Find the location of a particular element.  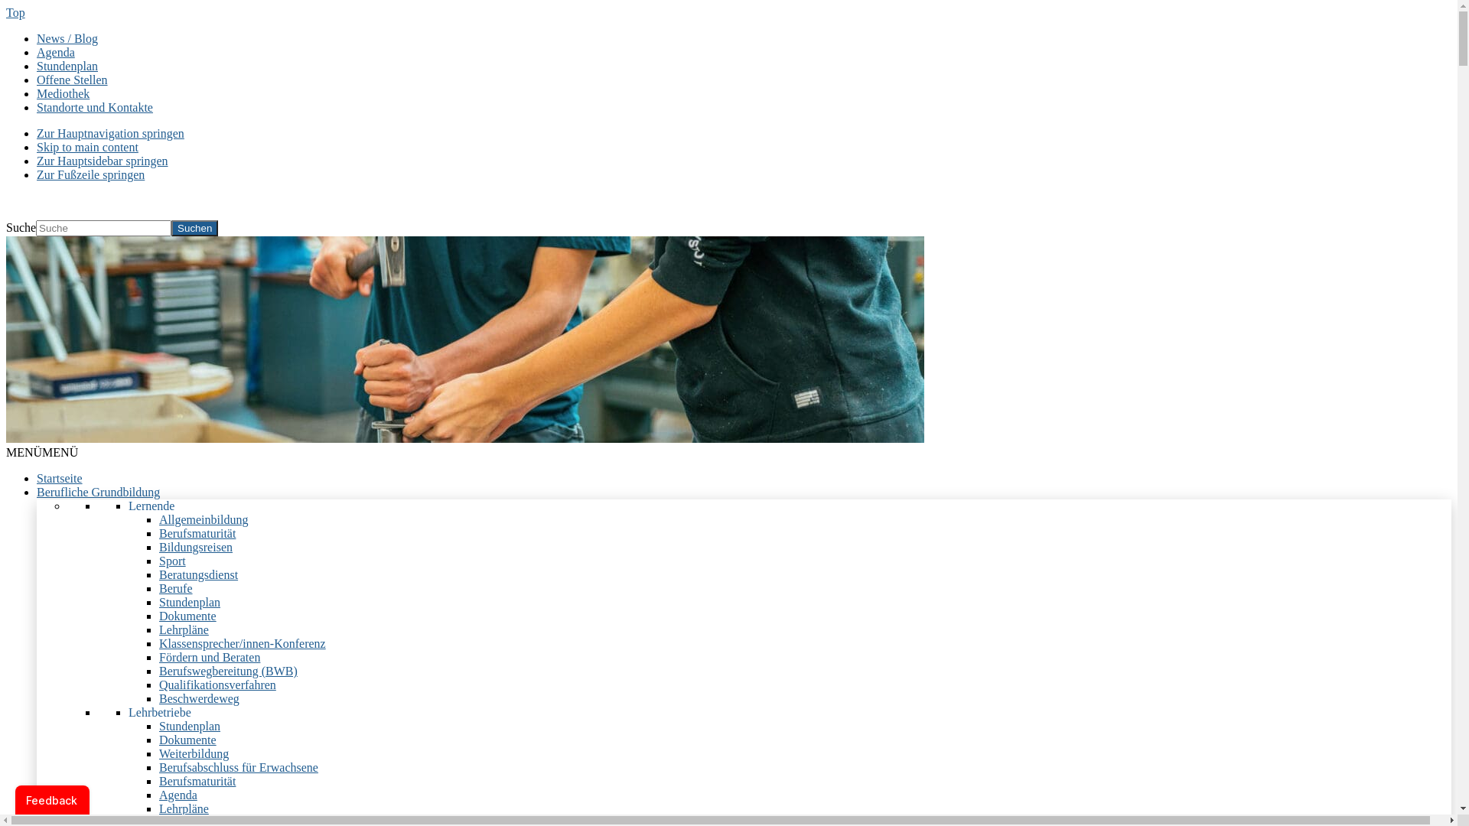

'Berufe' is located at coordinates (158, 587).